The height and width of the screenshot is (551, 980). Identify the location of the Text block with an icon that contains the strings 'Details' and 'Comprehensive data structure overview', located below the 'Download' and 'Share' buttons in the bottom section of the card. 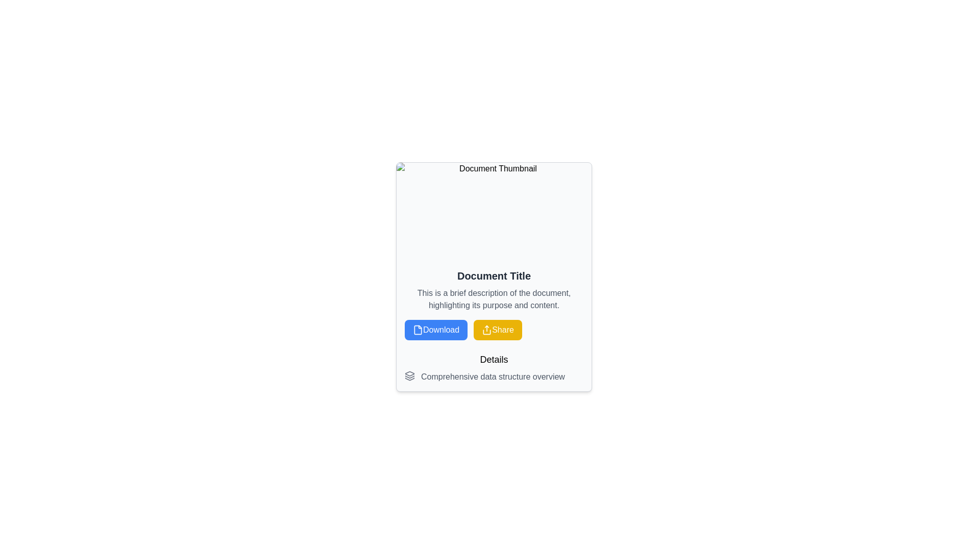
(494, 368).